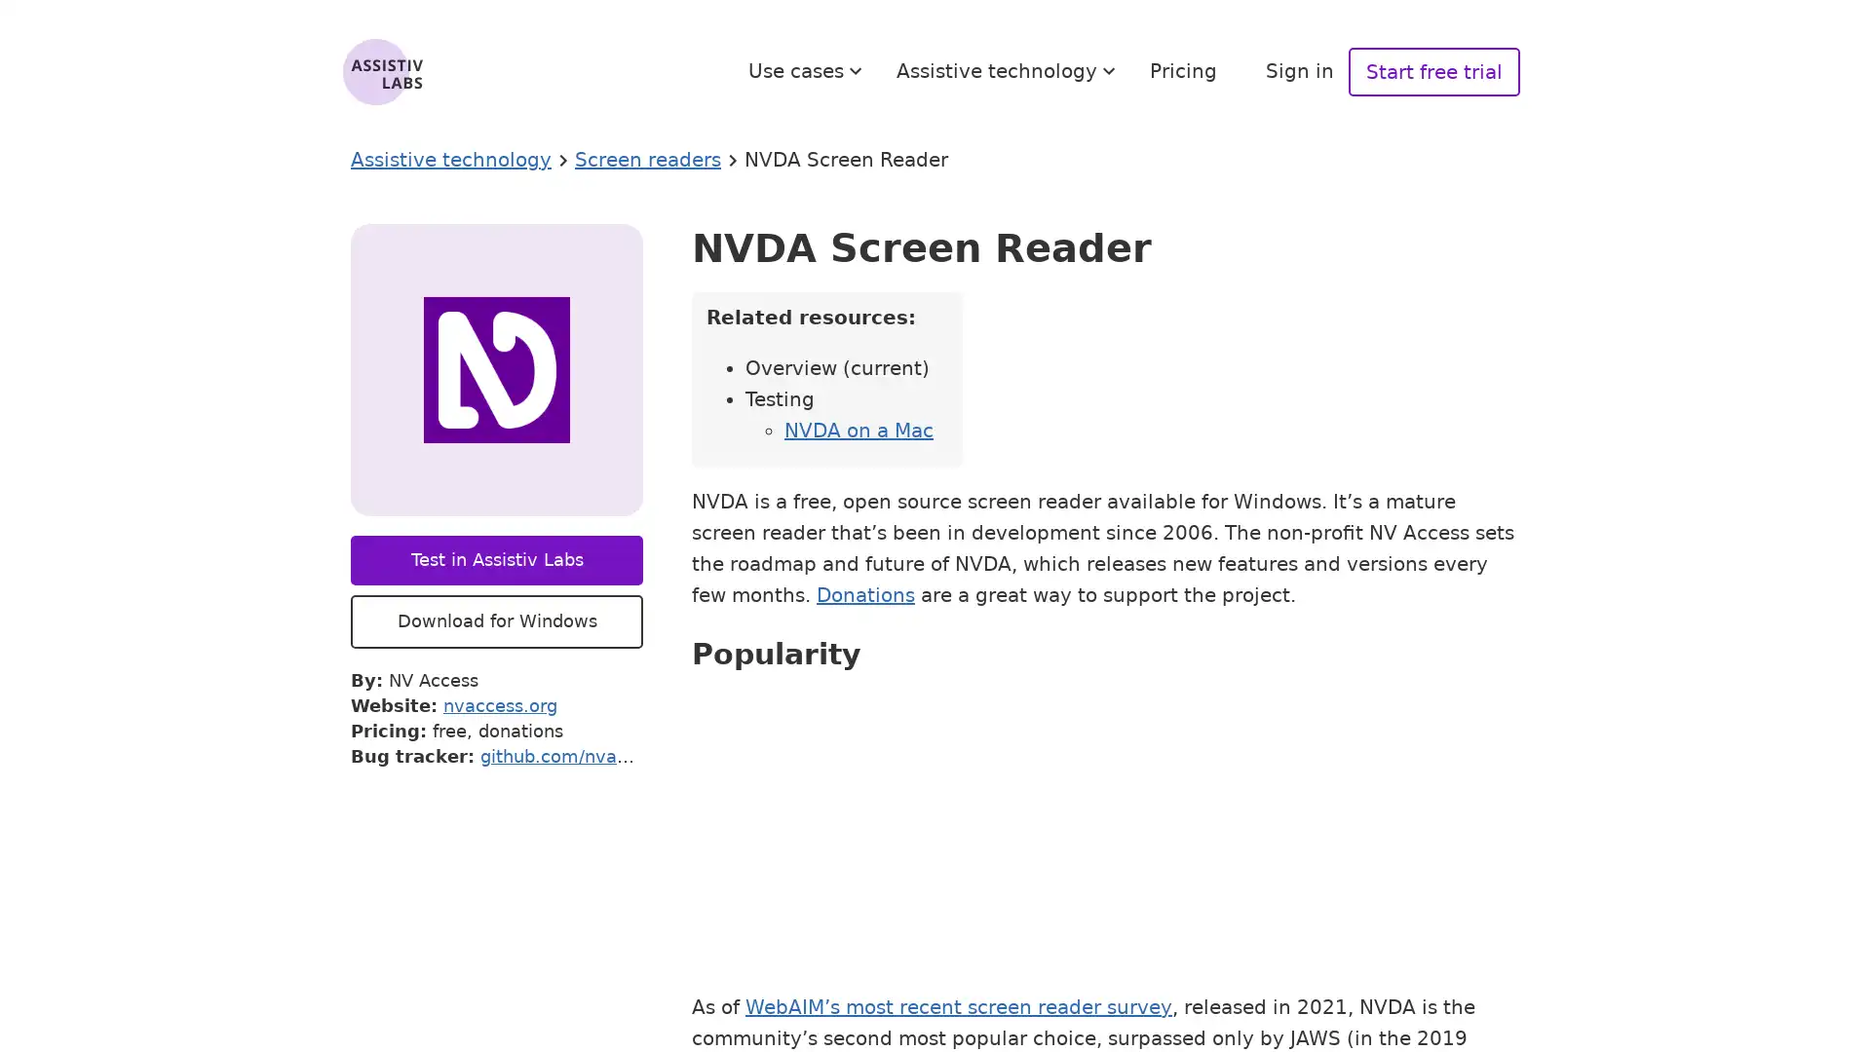 The width and height of the screenshot is (1871, 1052). What do you see at coordinates (808, 70) in the screenshot?
I see `Use cases` at bounding box center [808, 70].